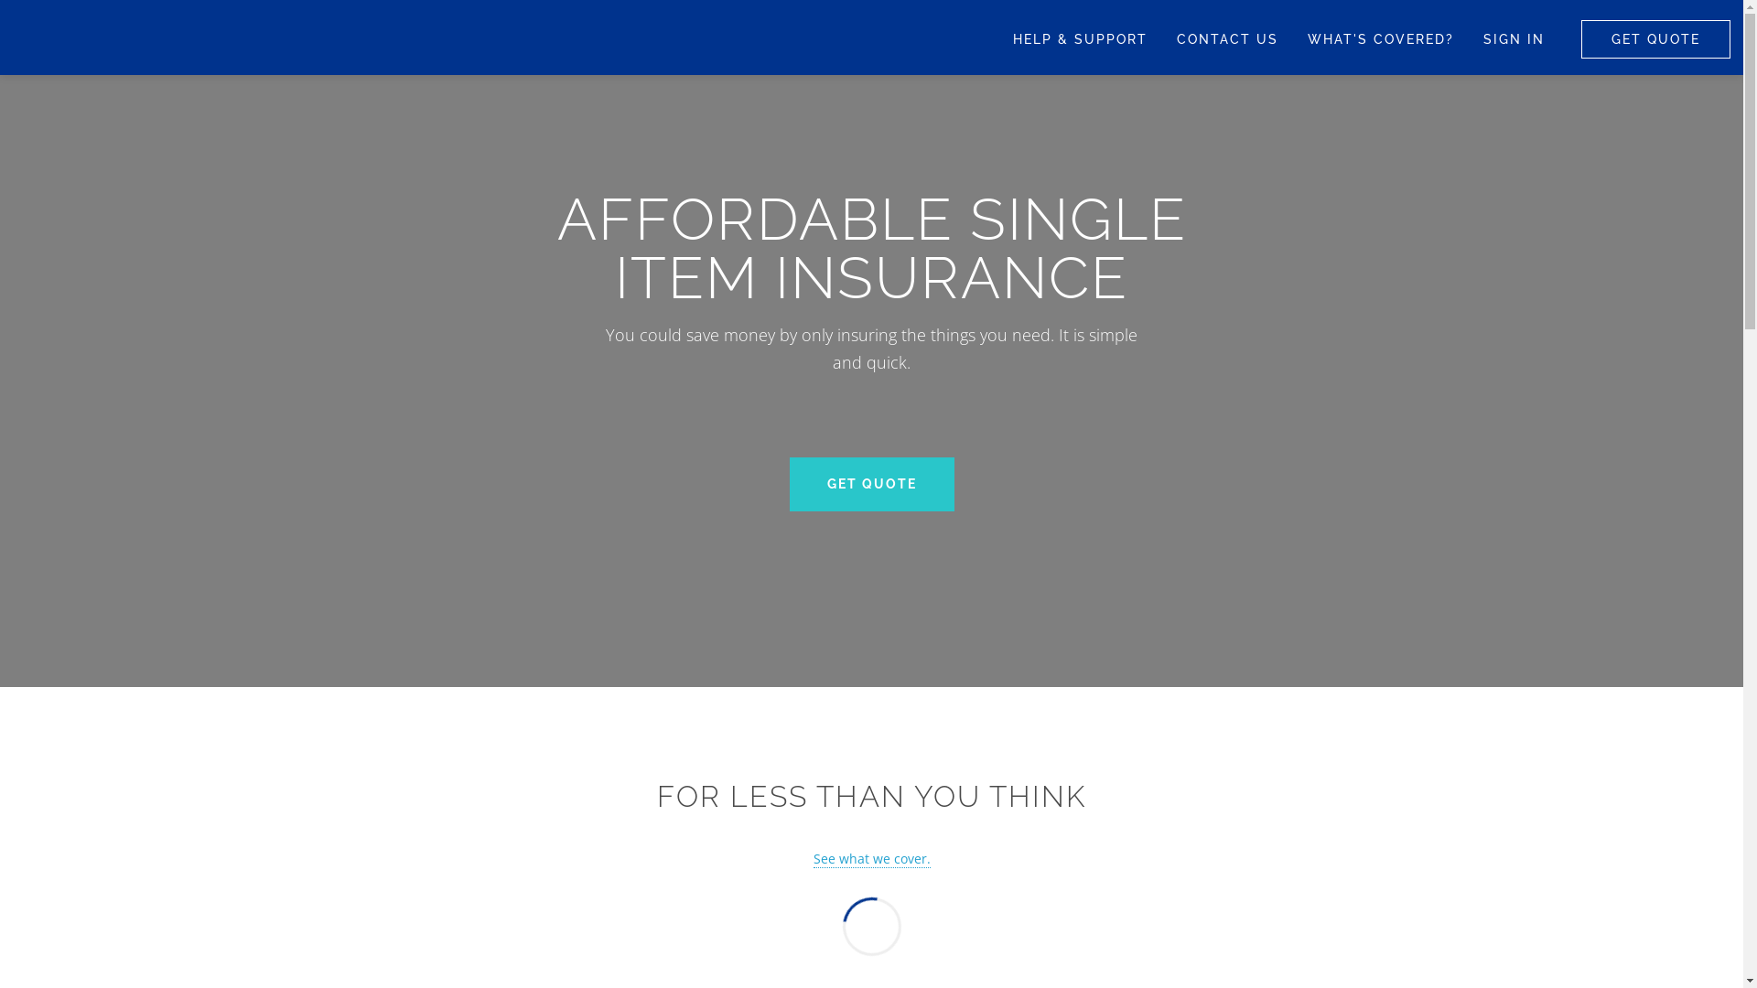 The height and width of the screenshot is (988, 1757). Describe the element at coordinates (997, 38) in the screenshot. I see `'HELP & SUPPORT'` at that location.